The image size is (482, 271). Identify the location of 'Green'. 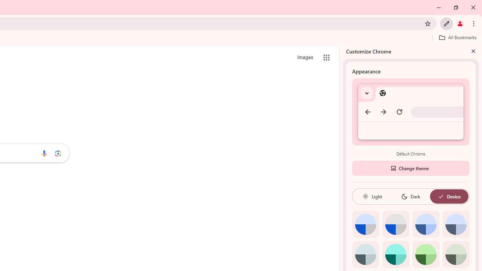
(426, 254).